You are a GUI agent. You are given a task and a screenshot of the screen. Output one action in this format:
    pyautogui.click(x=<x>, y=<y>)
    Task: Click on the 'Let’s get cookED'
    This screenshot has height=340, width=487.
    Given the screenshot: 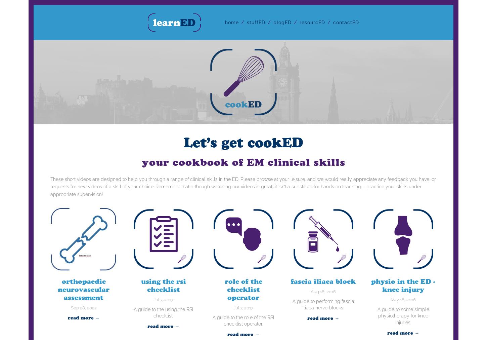 What is the action you would take?
    pyautogui.click(x=243, y=142)
    